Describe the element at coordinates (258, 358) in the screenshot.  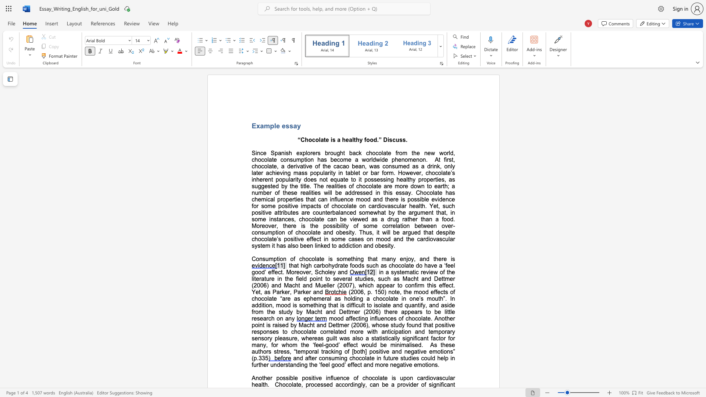
I see `the subset text "33" within the text "As these authors stress, “temporal tracking of [both] positive and negative emotions” (p.335"` at that location.